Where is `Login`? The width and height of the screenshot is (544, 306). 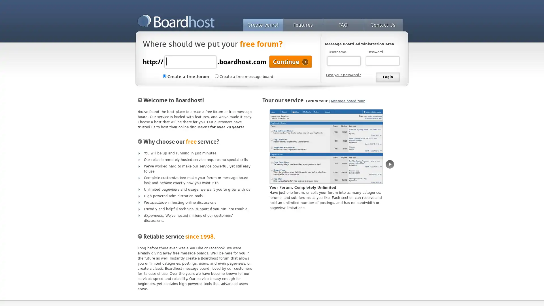
Login is located at coordinates (387, 77).